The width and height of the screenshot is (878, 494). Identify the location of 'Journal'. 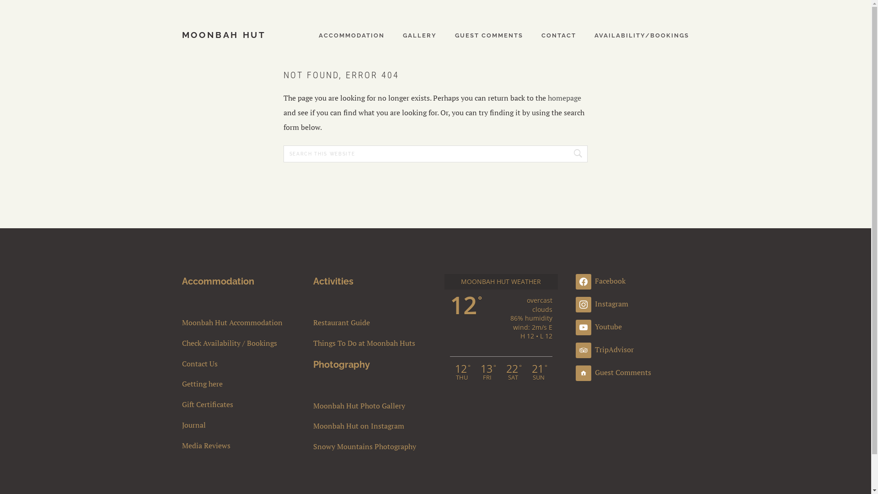
(182, 425).